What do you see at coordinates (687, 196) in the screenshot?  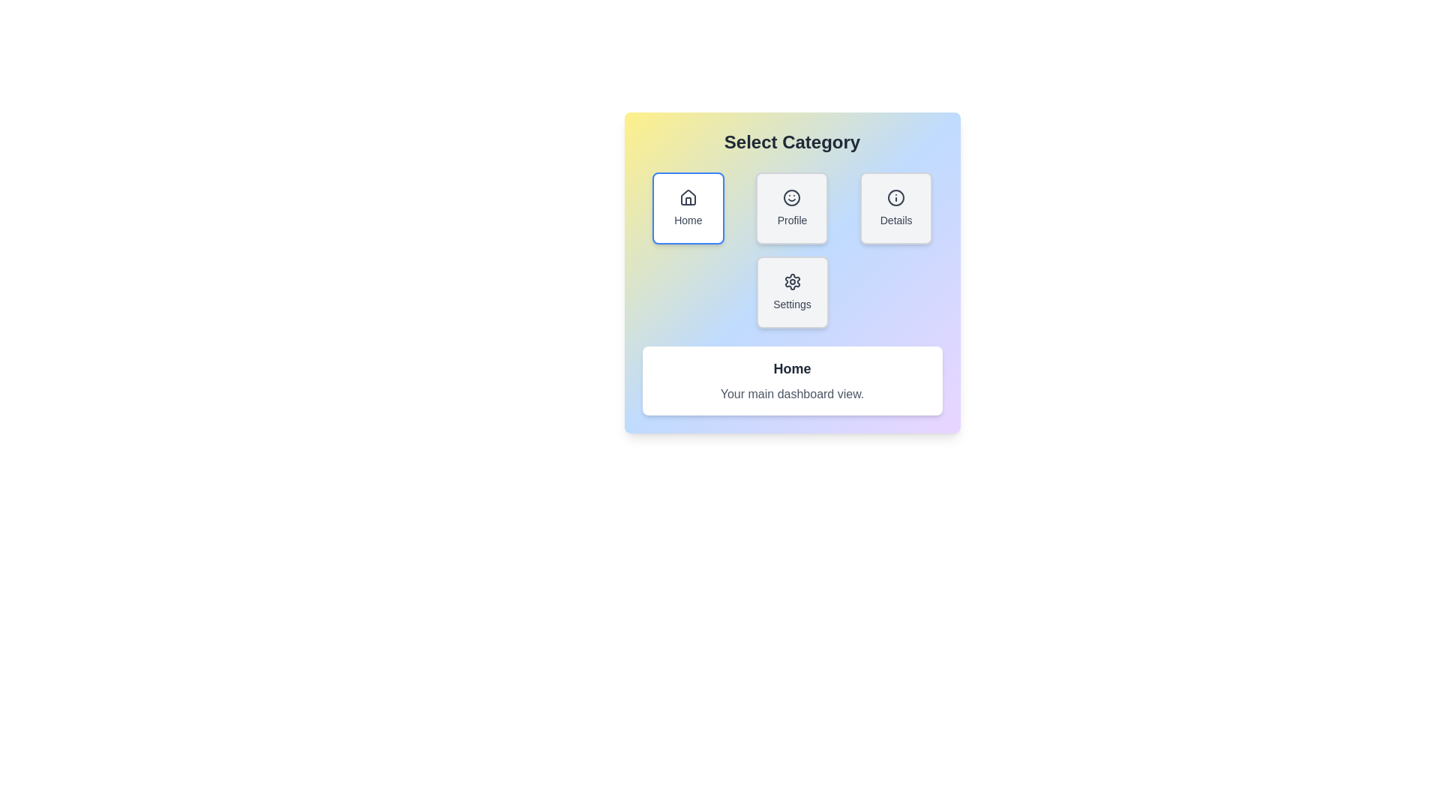 I see `the 'Home' icon` at bounding box center [687, 196].